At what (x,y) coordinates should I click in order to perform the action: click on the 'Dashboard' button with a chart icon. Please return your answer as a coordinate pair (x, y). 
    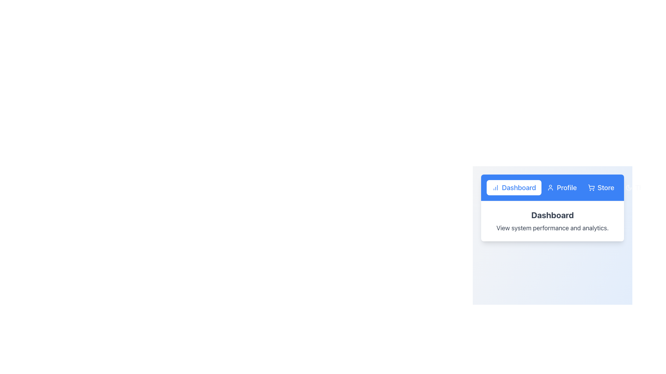
    Looking at the image, I should click on (514, 188).